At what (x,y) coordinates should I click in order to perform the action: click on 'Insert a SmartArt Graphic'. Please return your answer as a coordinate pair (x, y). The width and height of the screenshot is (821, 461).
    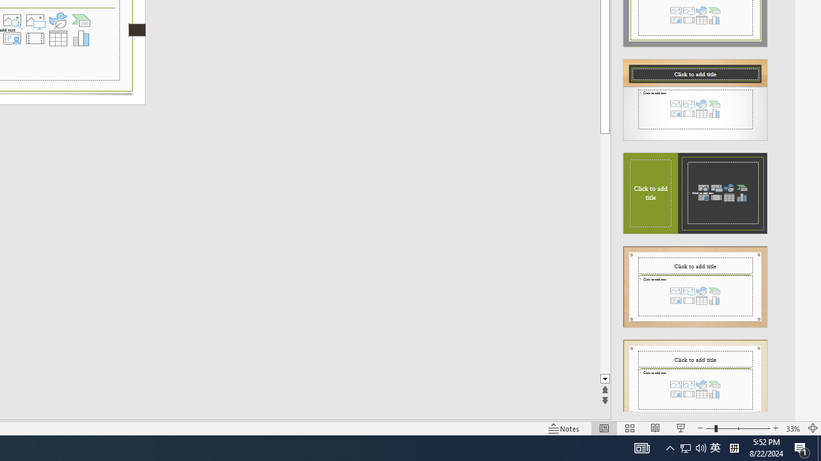
    Looking at the image, I should click on (81, 20).